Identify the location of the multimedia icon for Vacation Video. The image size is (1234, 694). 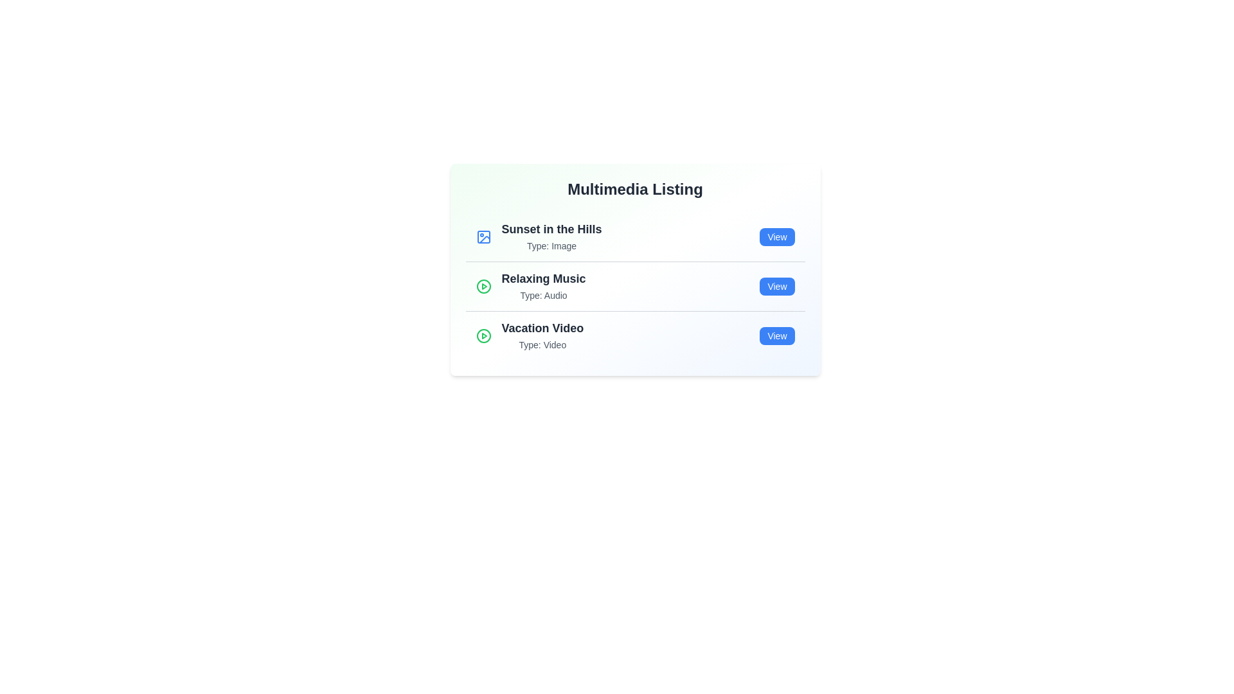
(483, 335).